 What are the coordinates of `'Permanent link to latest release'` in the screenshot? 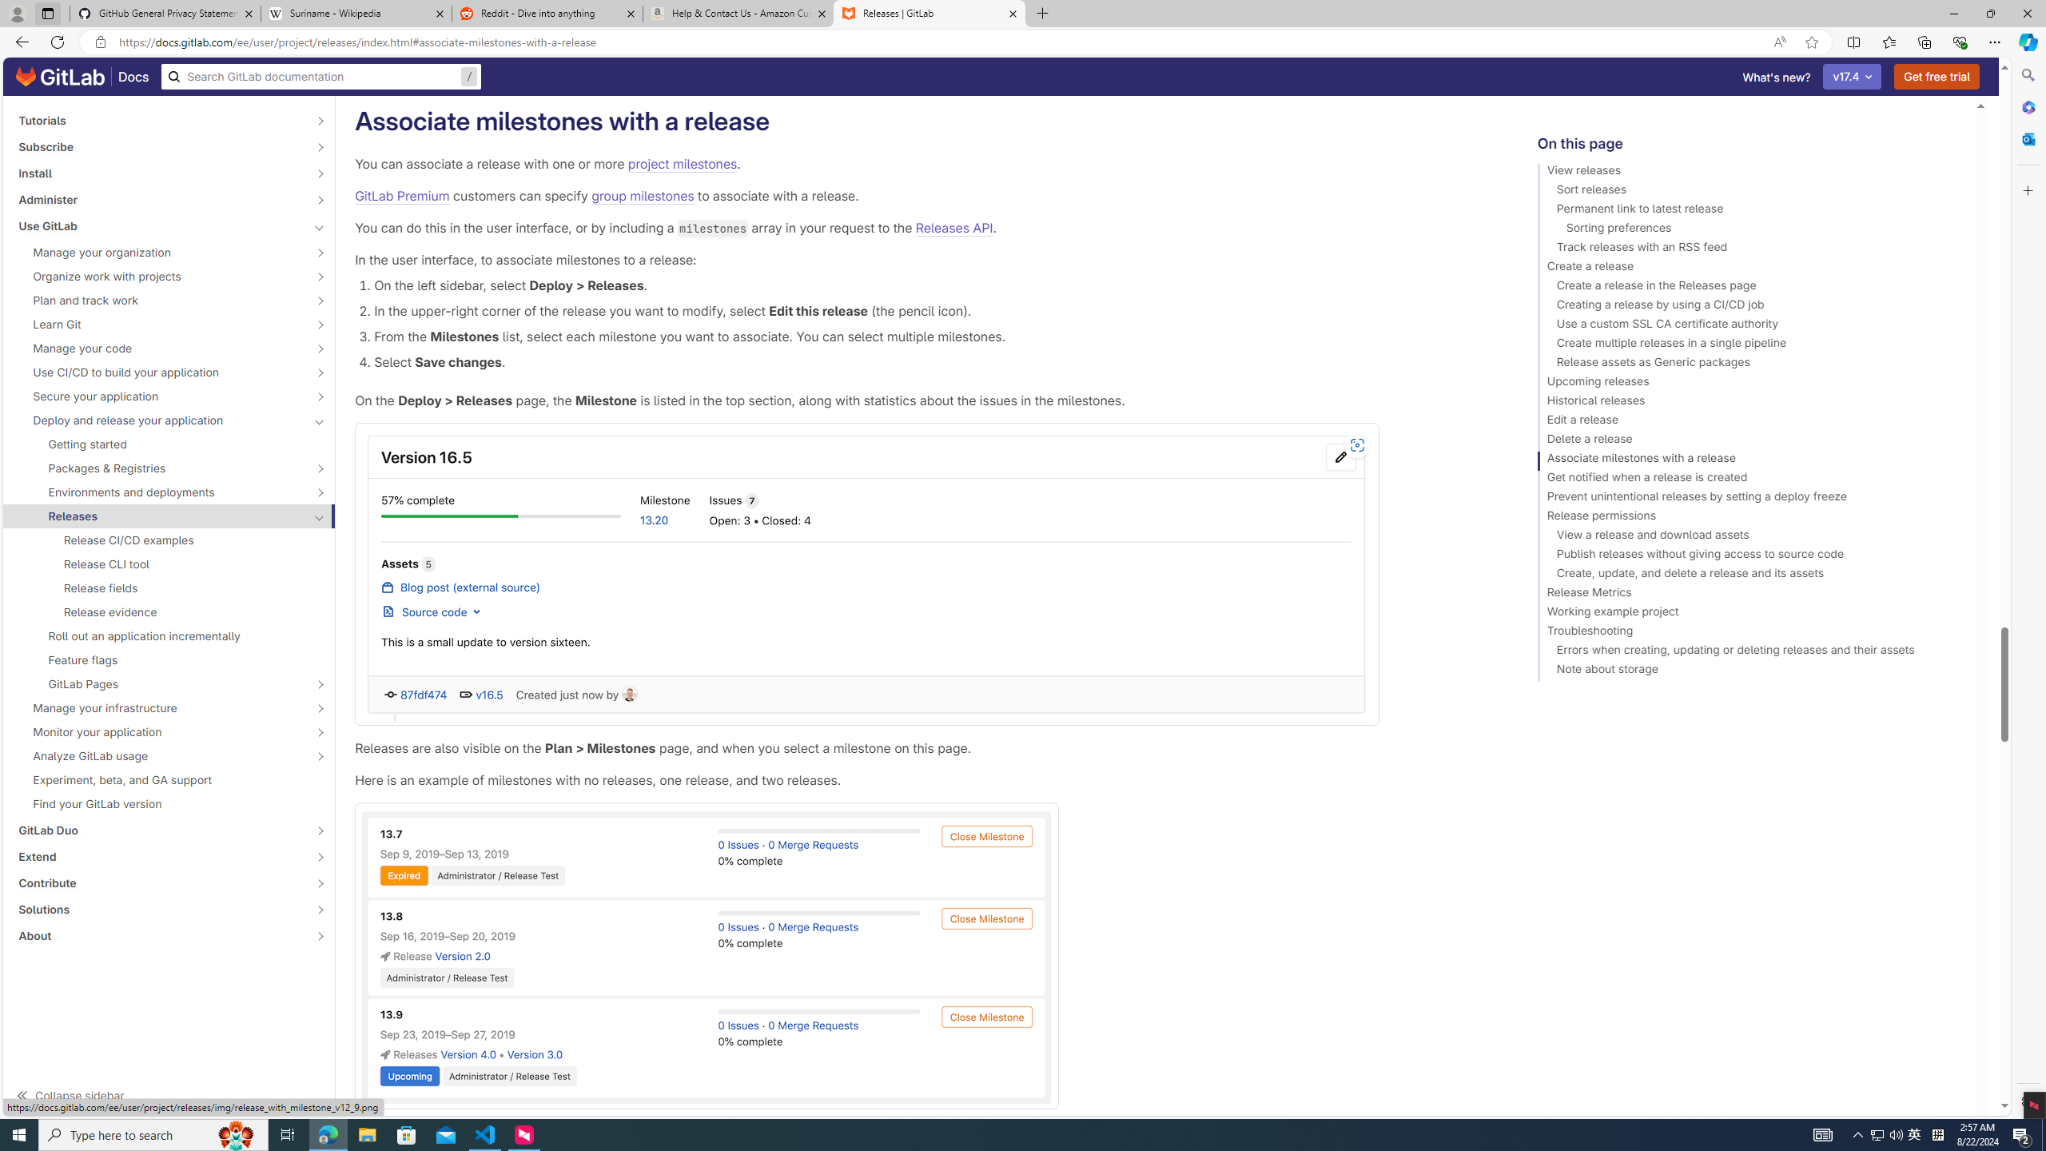 It's located at (1749, 211).